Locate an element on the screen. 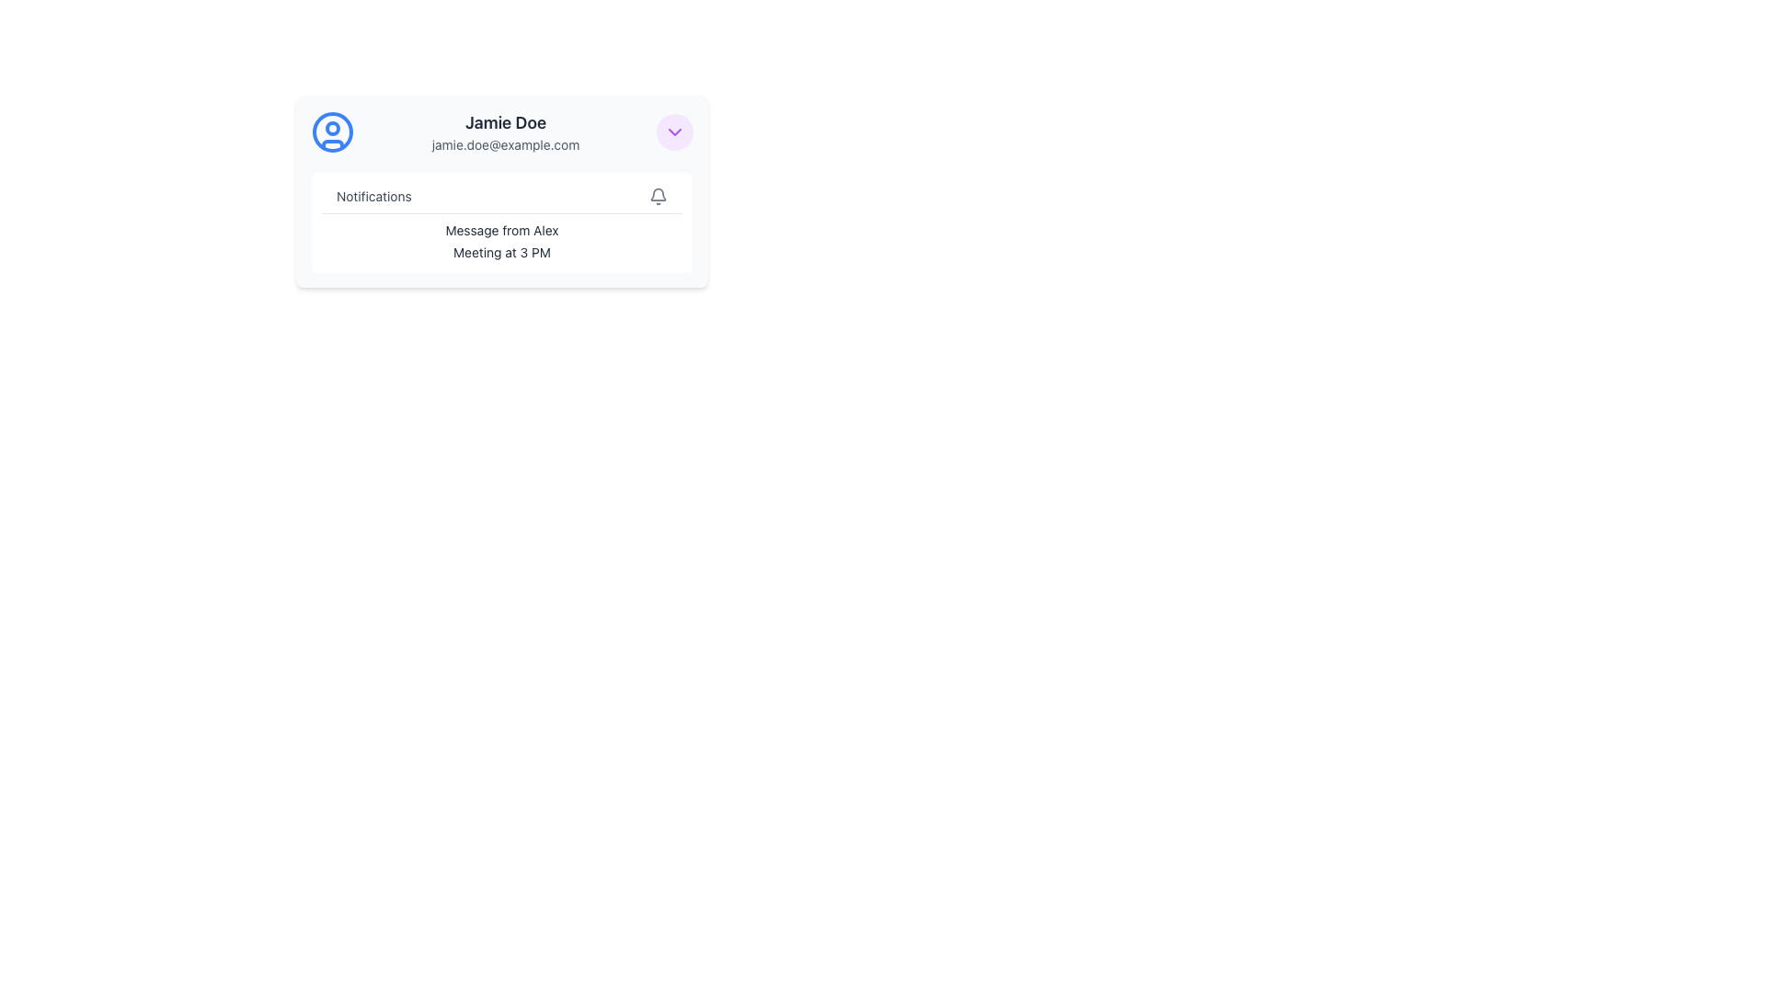 This screenshot has height=993, width=1766. the downward-oriented purple chevron icon at the top-right corner of the user card is located at coordinates (674, 131).